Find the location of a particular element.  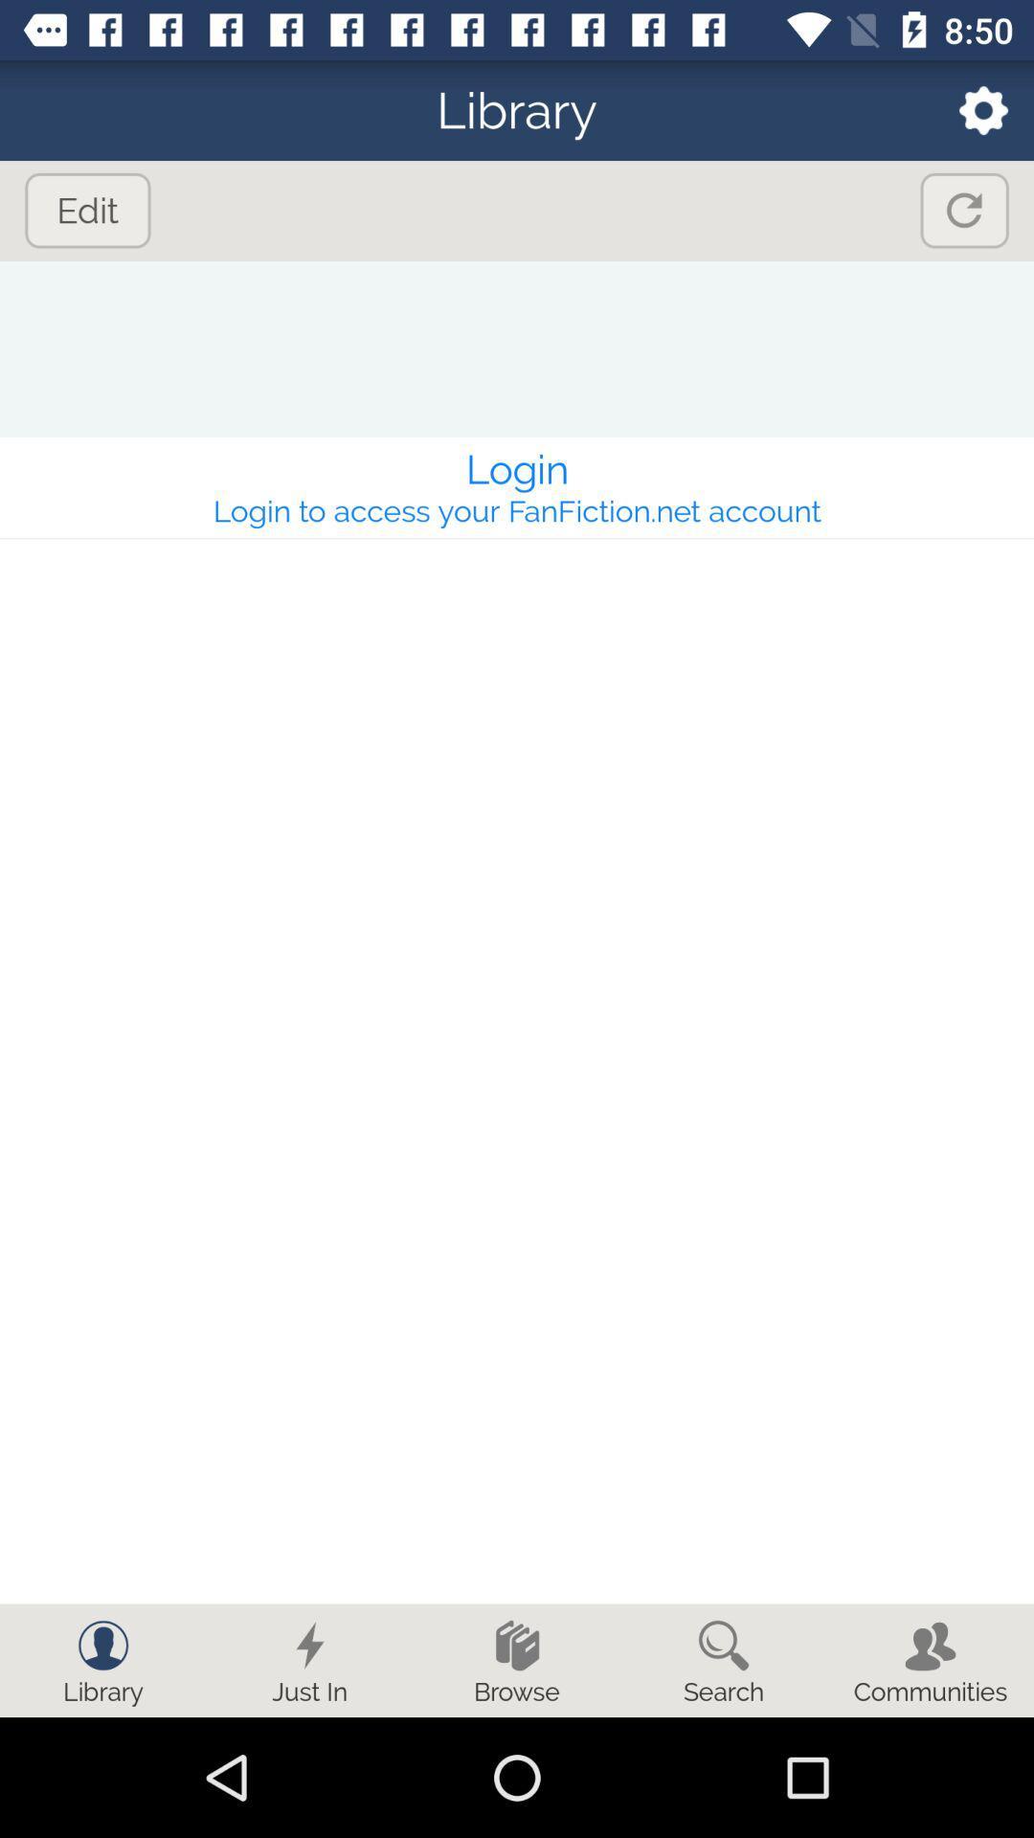

click for user settings is located at coordinates (971, 109).